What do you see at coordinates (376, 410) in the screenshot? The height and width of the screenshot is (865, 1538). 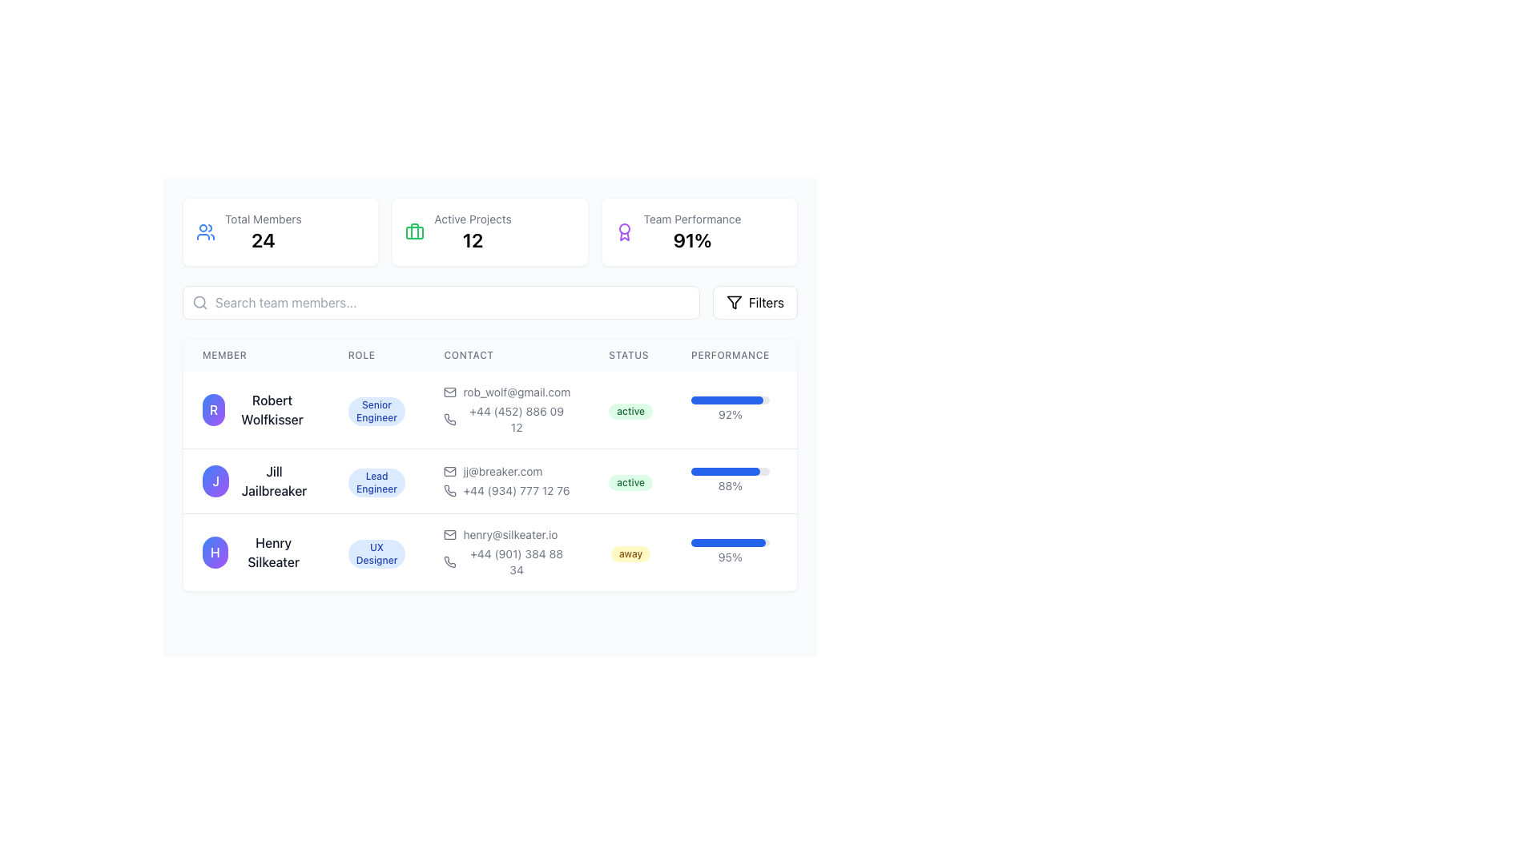 I see `the informational label in the 'ROLE' column of the first row, which indicates the title of the associated team member, located to the right of 'Robert Wolfkisser'` at bounding box center [376, 410].